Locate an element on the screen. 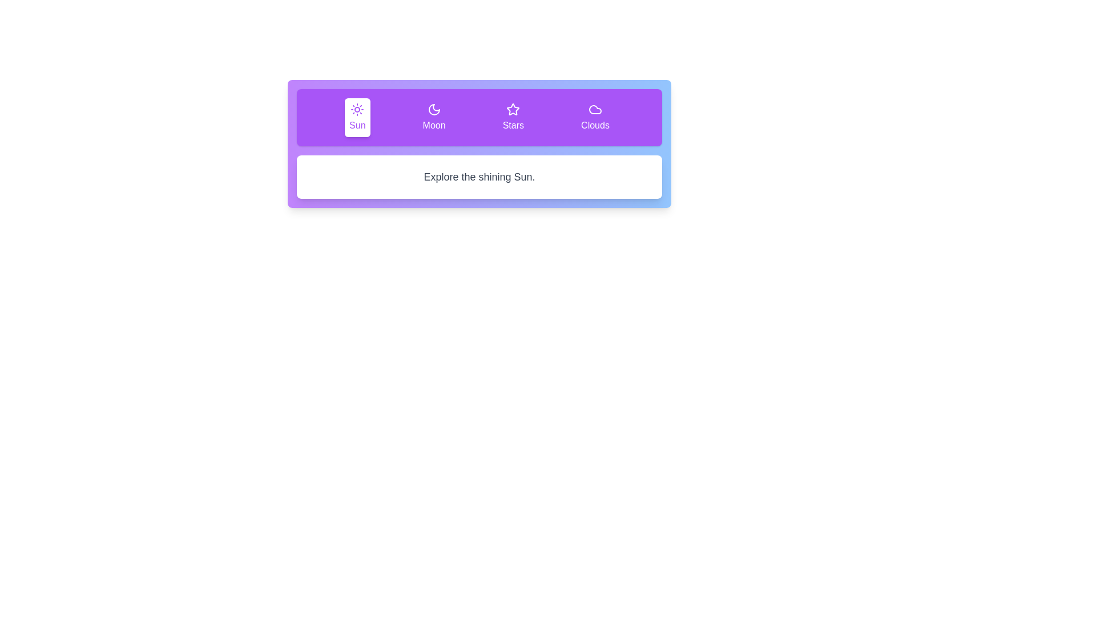 Image resolution: width=1096 pixels, height=617 pixels. the 'Stars' SVG icon in the category selector, which is the center icon in a horizontal layout of four items is located at coordinates (512, 110).